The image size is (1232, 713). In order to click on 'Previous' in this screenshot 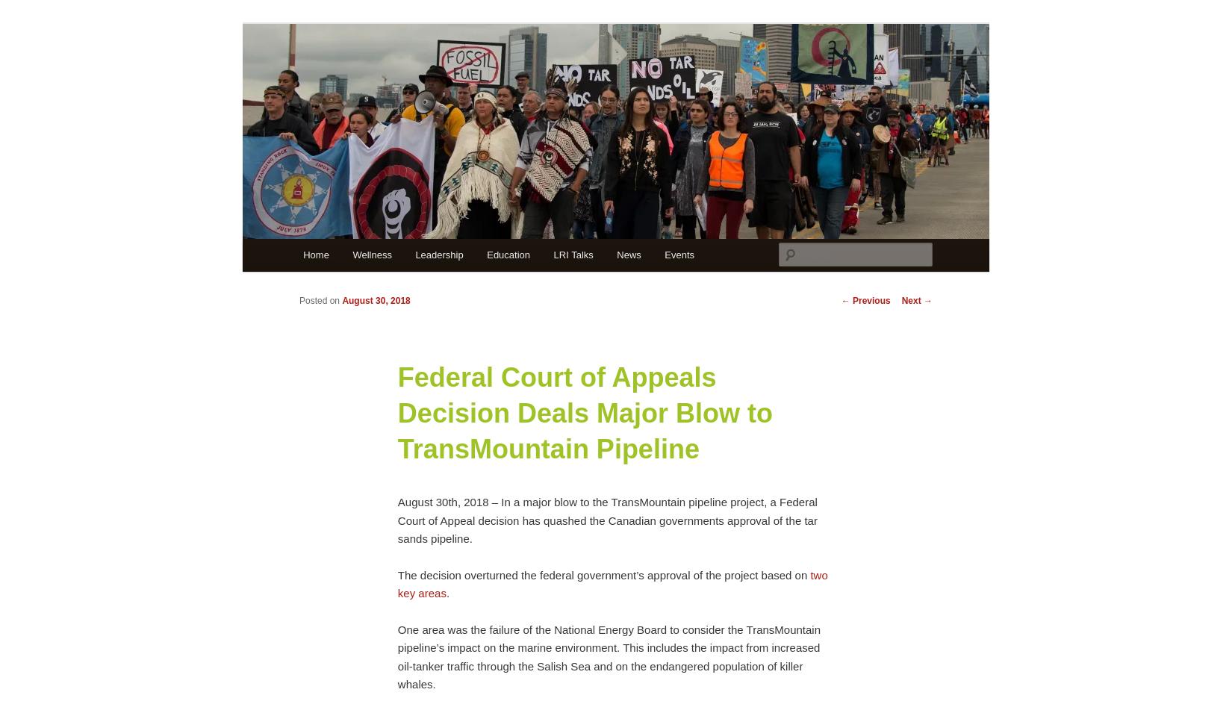, I will do `click(870, 299)`.